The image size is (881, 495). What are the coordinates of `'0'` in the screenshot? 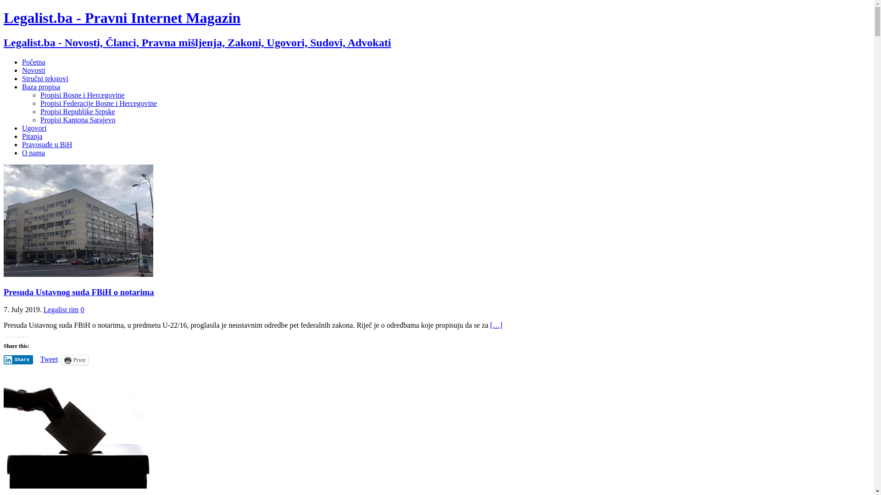 It's located at (83, 309).